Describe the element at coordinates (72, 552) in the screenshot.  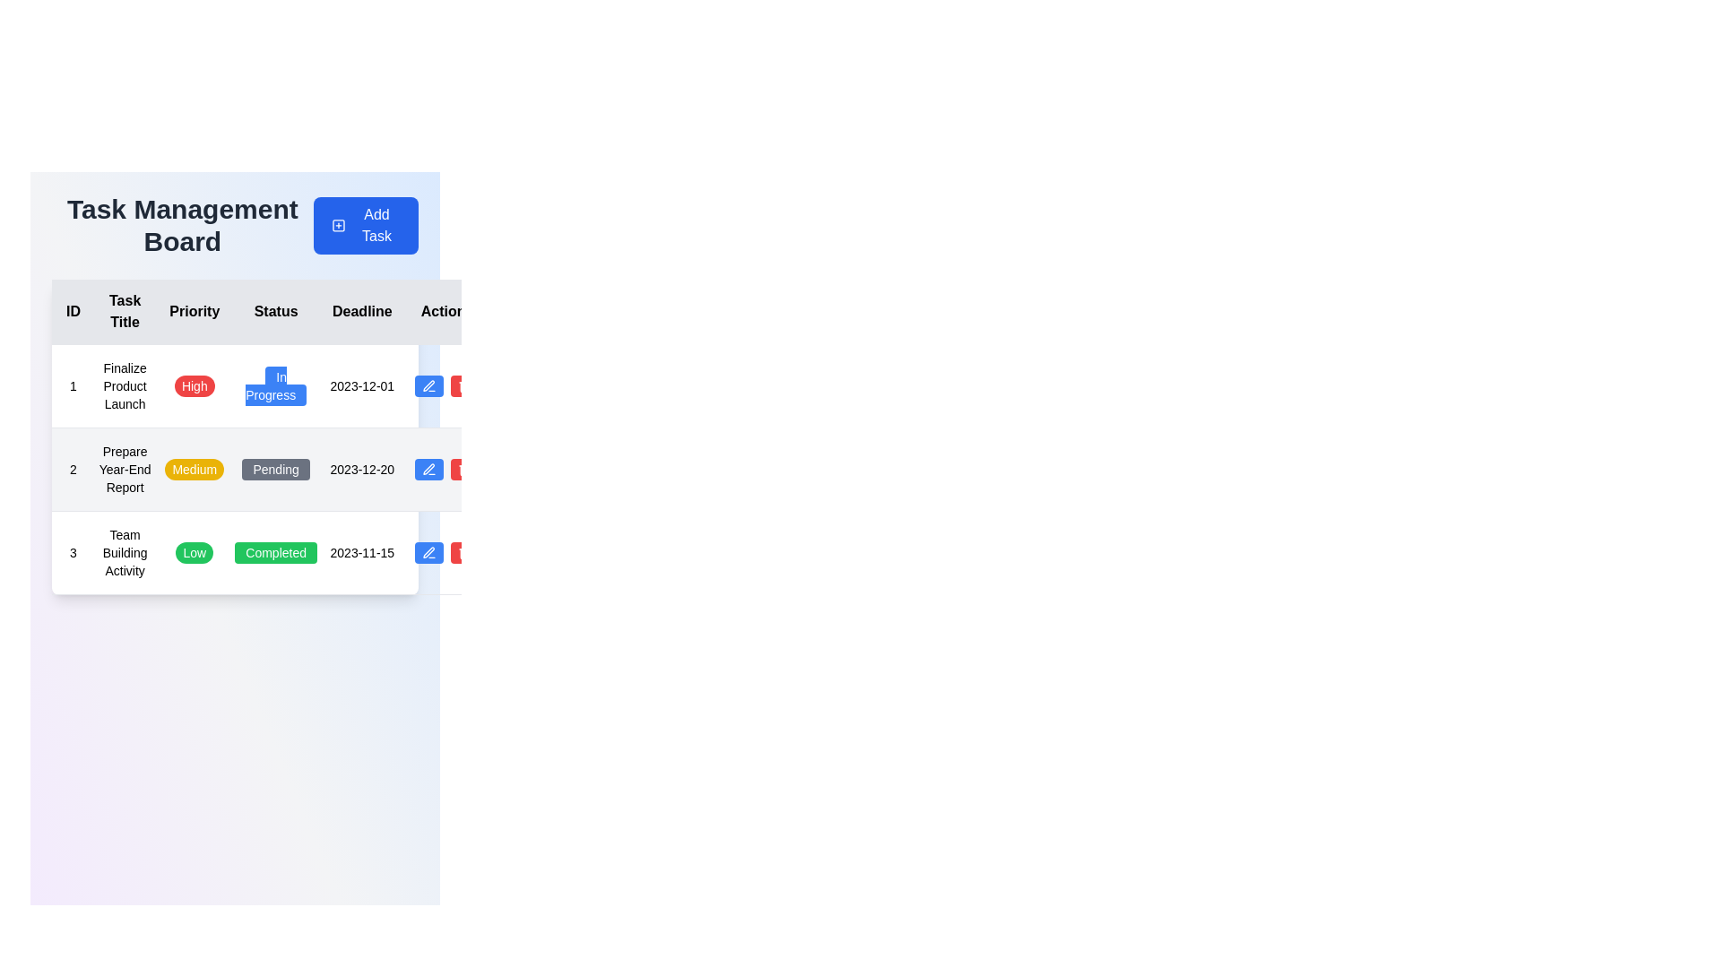
I see `the static text element that identifies the task entry in the third row and first column of the table, which precedes 'Team Building Activity'` at that location.